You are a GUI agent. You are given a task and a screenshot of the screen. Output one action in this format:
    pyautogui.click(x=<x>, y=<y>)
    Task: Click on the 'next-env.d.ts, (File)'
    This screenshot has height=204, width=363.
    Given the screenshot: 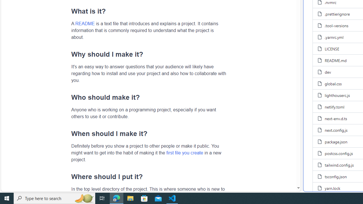 What is the action you would take?
    pyautogui.click(x=336, y=118)
    